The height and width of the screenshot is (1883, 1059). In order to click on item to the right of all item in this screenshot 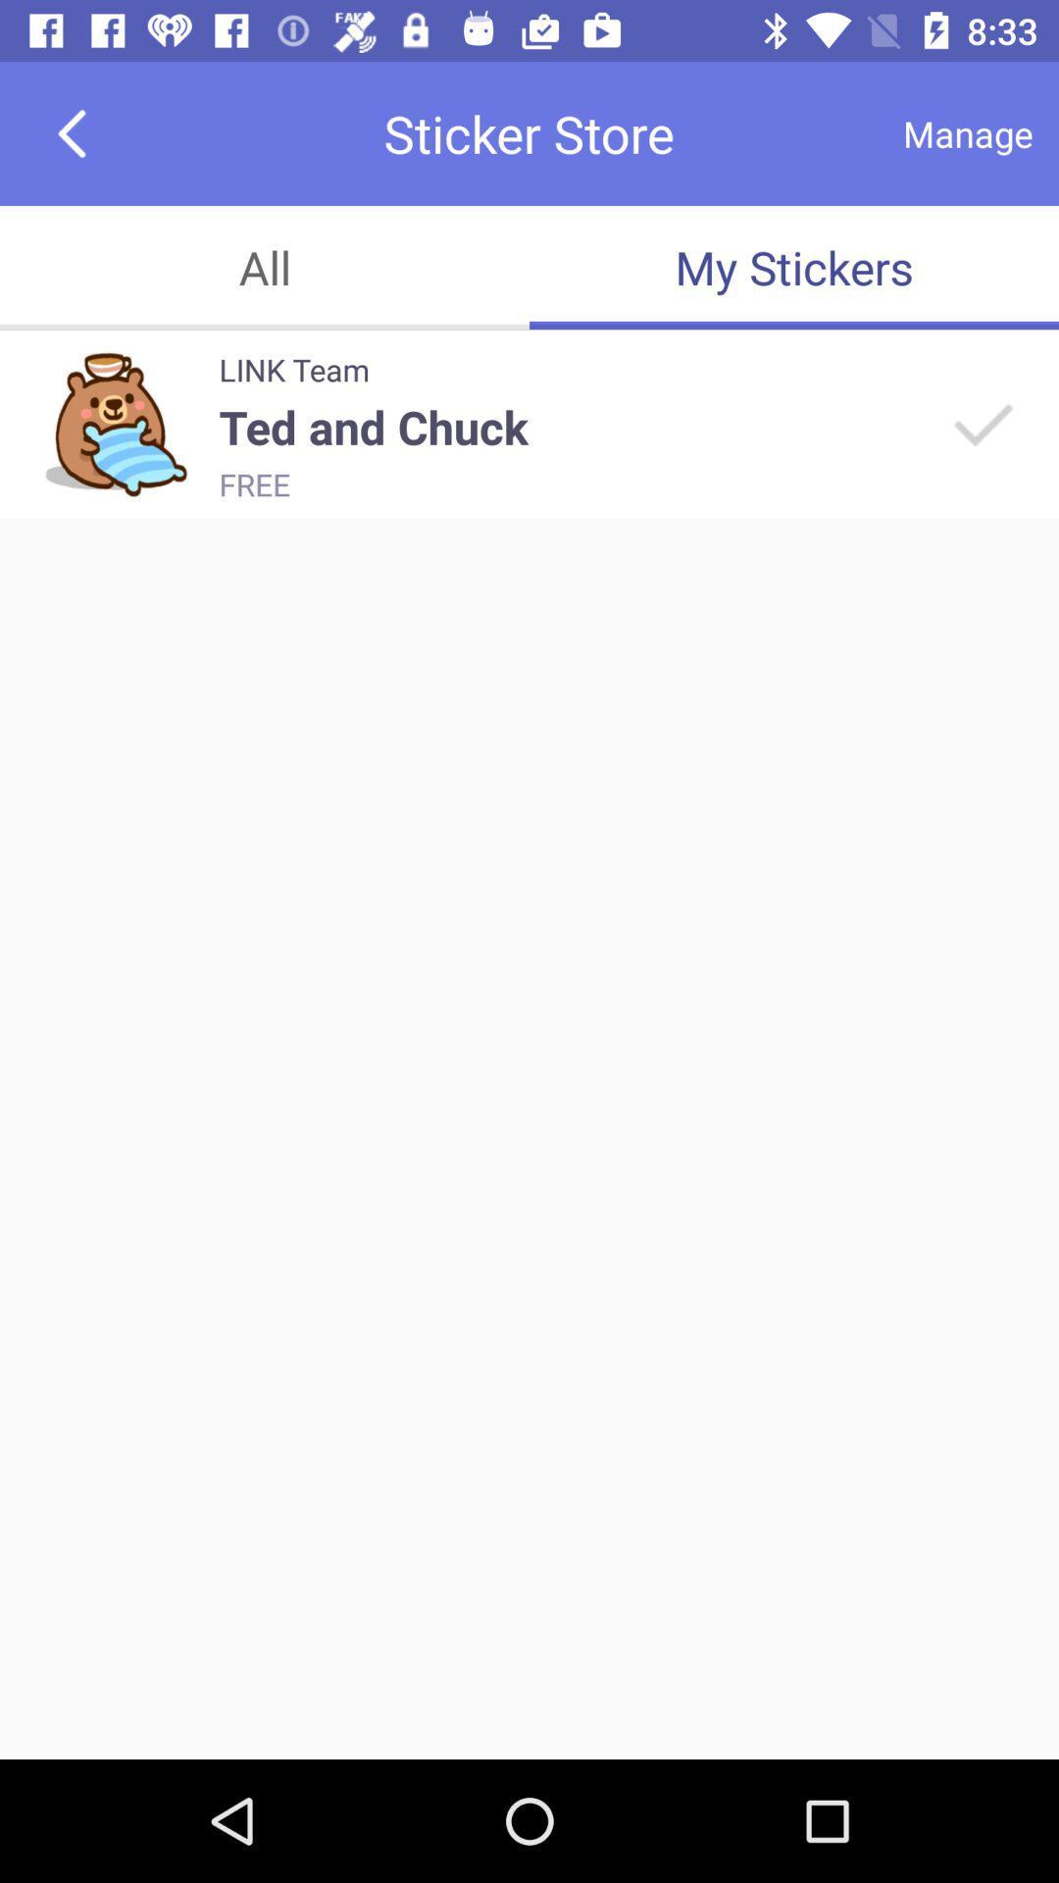, I will do `click(794, 267)`.